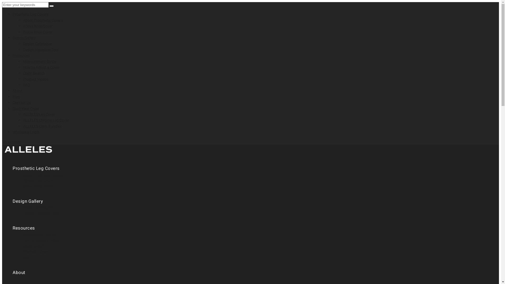 This screenshot has width=505, height=284. What do you see at coordinates (23, 120) in the screenshot?
I see `'ALLELES Chrome Leg Cover'` at bounding box center [23, 120].